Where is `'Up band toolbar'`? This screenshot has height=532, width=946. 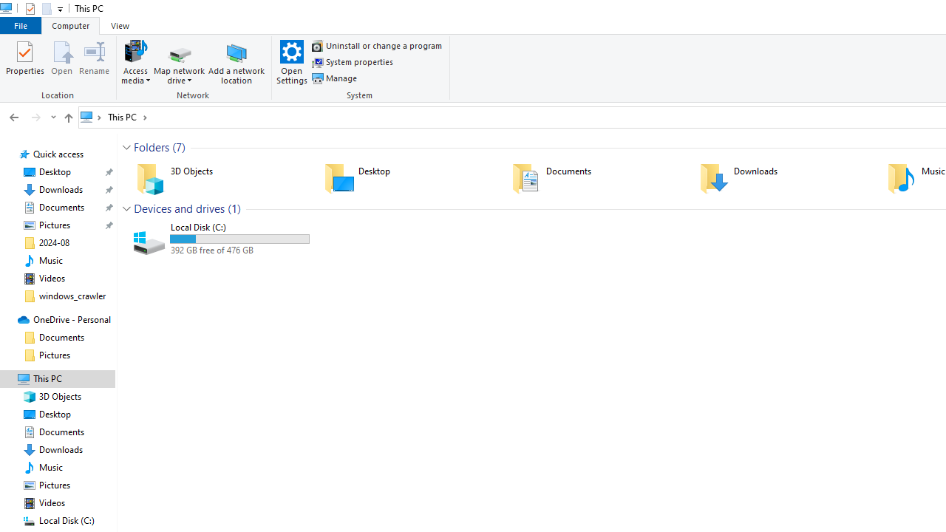
'Up band toolbar' is located at coordinates (67, 119).